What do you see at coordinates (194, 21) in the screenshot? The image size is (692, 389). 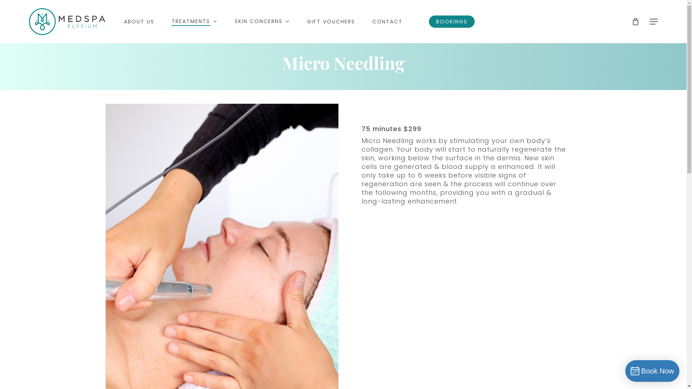 I see `'TREATMENTS'` at bounding box center [194, 21].